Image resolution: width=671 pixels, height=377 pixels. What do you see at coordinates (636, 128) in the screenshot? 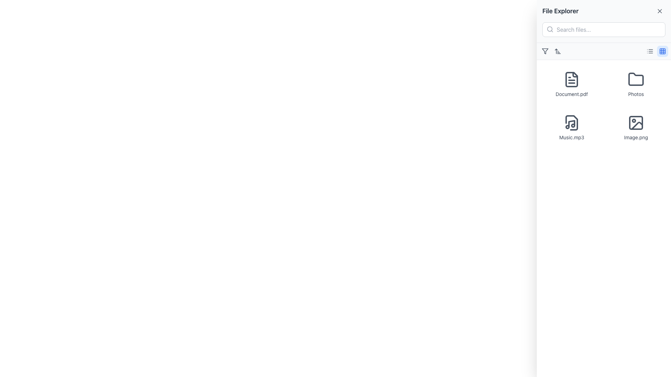
I see `the file icon labeled 'Image.png'` at bounding box center [636, 128].